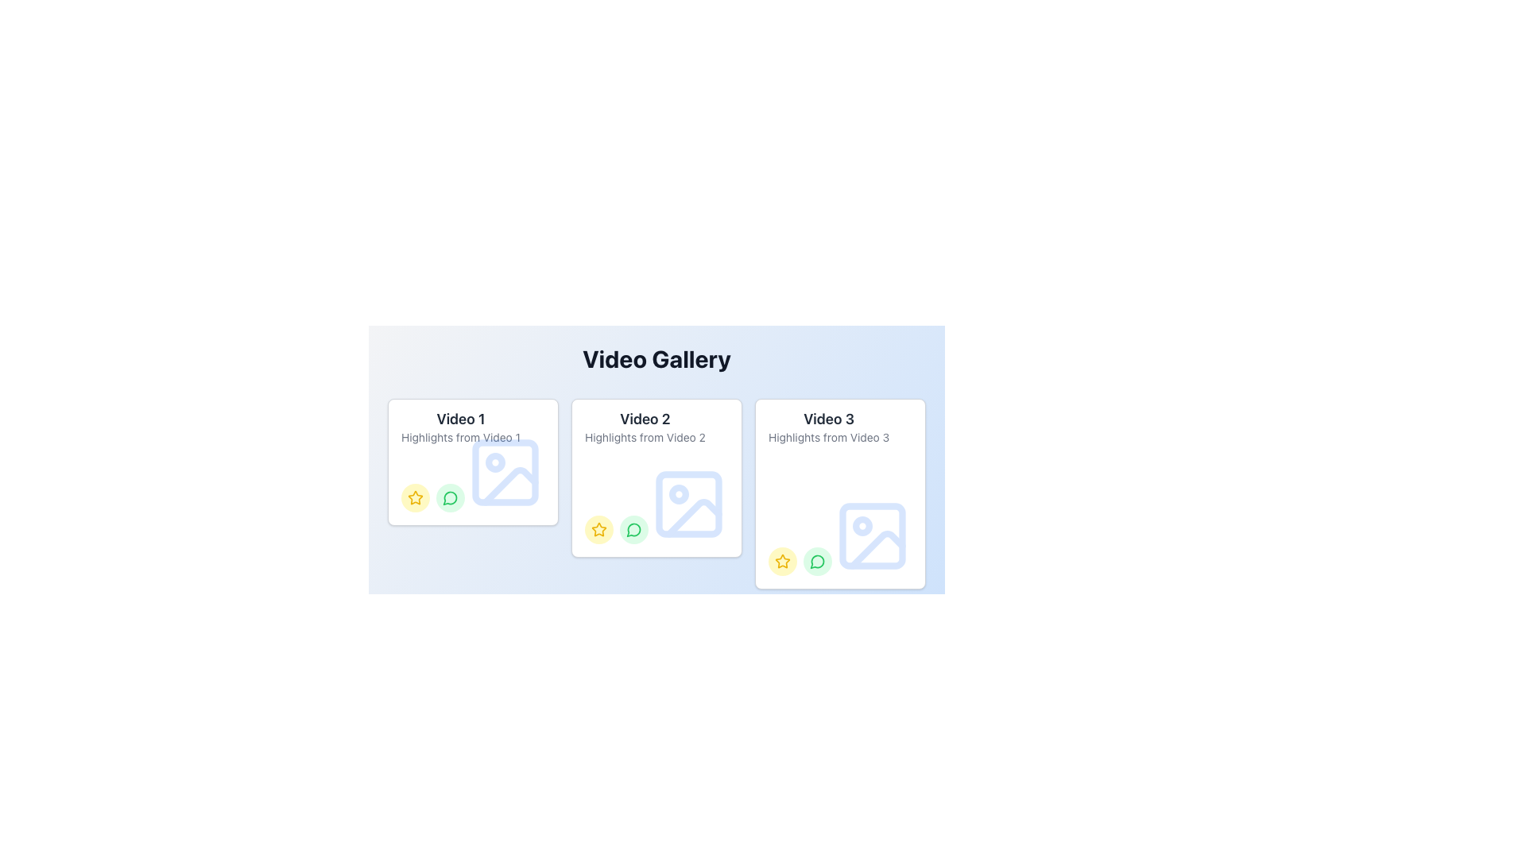 This screenshot has height=858, width=1526. What do you see at coordinates (616, 530) in the screenshot?
I see `the green chat bubble button in the Interactive Button Group located in the bottom-left corner of the 'Video 2' card to comment` at bounding box center [616, 530].